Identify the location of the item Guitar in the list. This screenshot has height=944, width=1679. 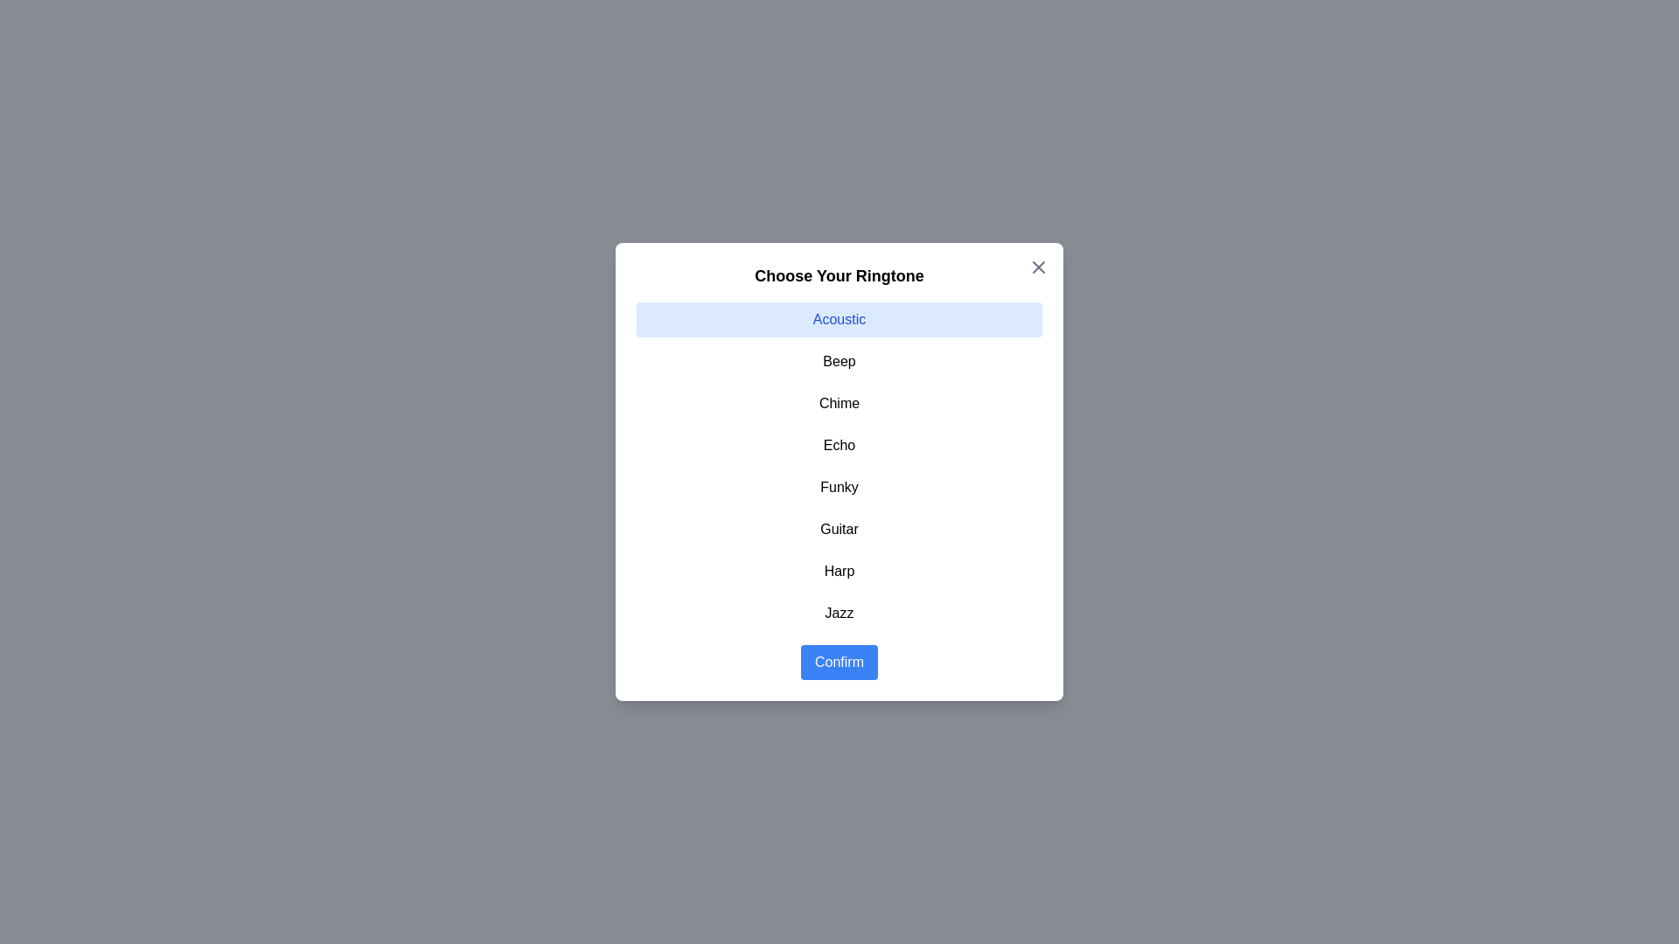
(839, 528).